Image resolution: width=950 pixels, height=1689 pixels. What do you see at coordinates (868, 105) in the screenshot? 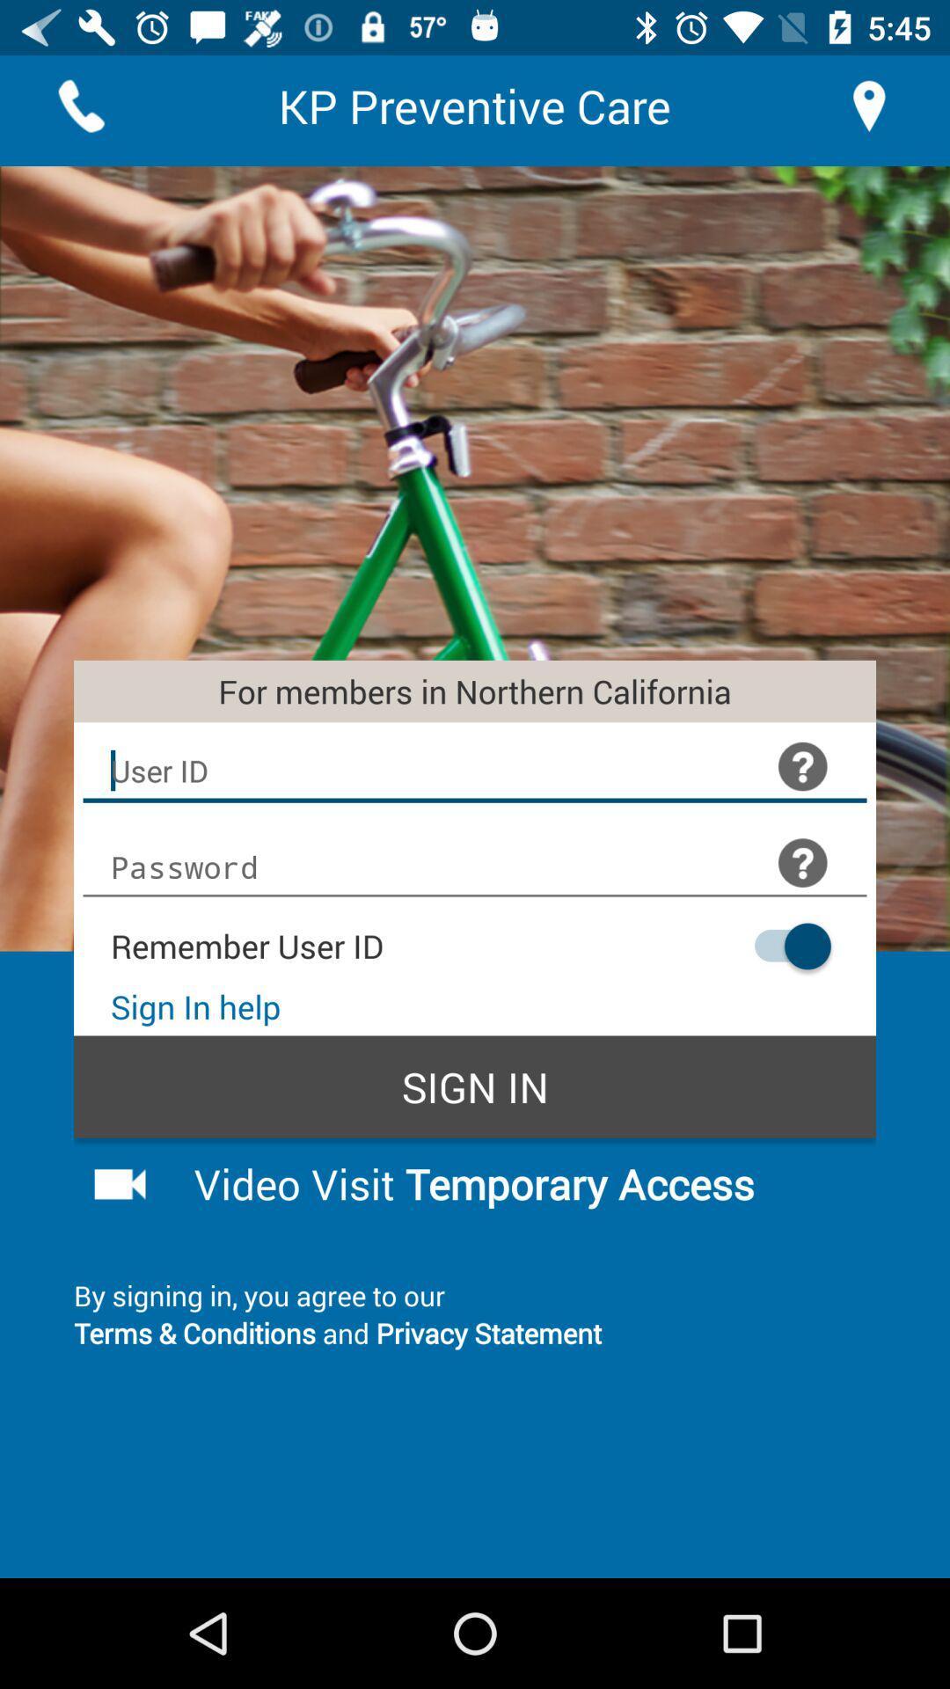
I see `the location icon` at bounding box center [868, 105].